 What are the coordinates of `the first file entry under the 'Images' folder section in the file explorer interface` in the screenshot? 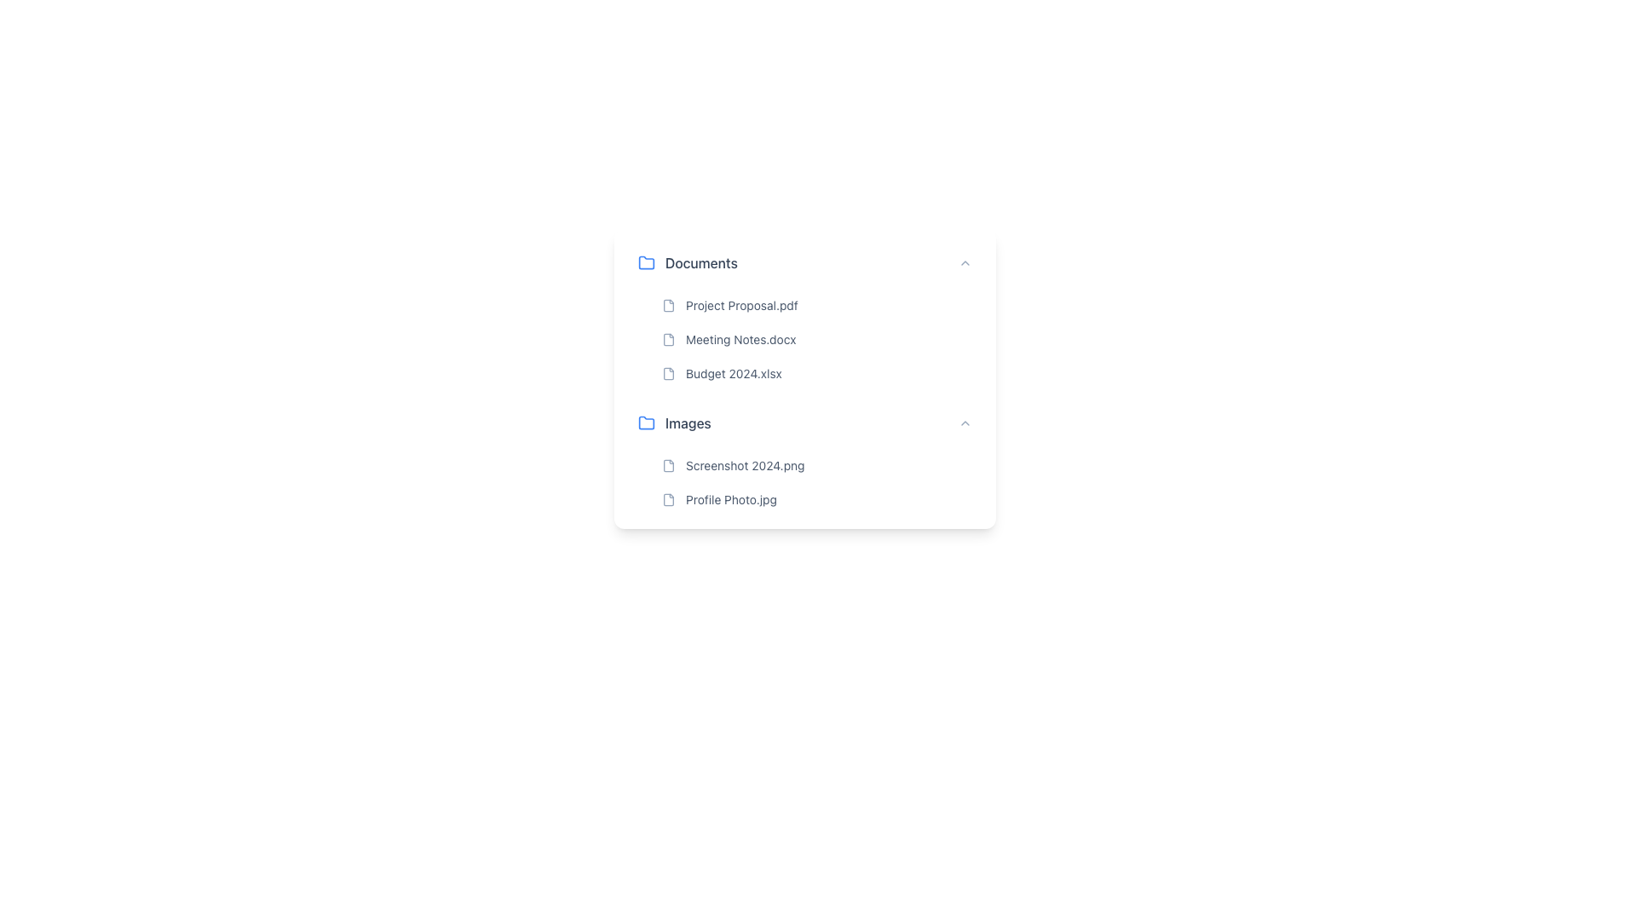 It's located at (804, 458).